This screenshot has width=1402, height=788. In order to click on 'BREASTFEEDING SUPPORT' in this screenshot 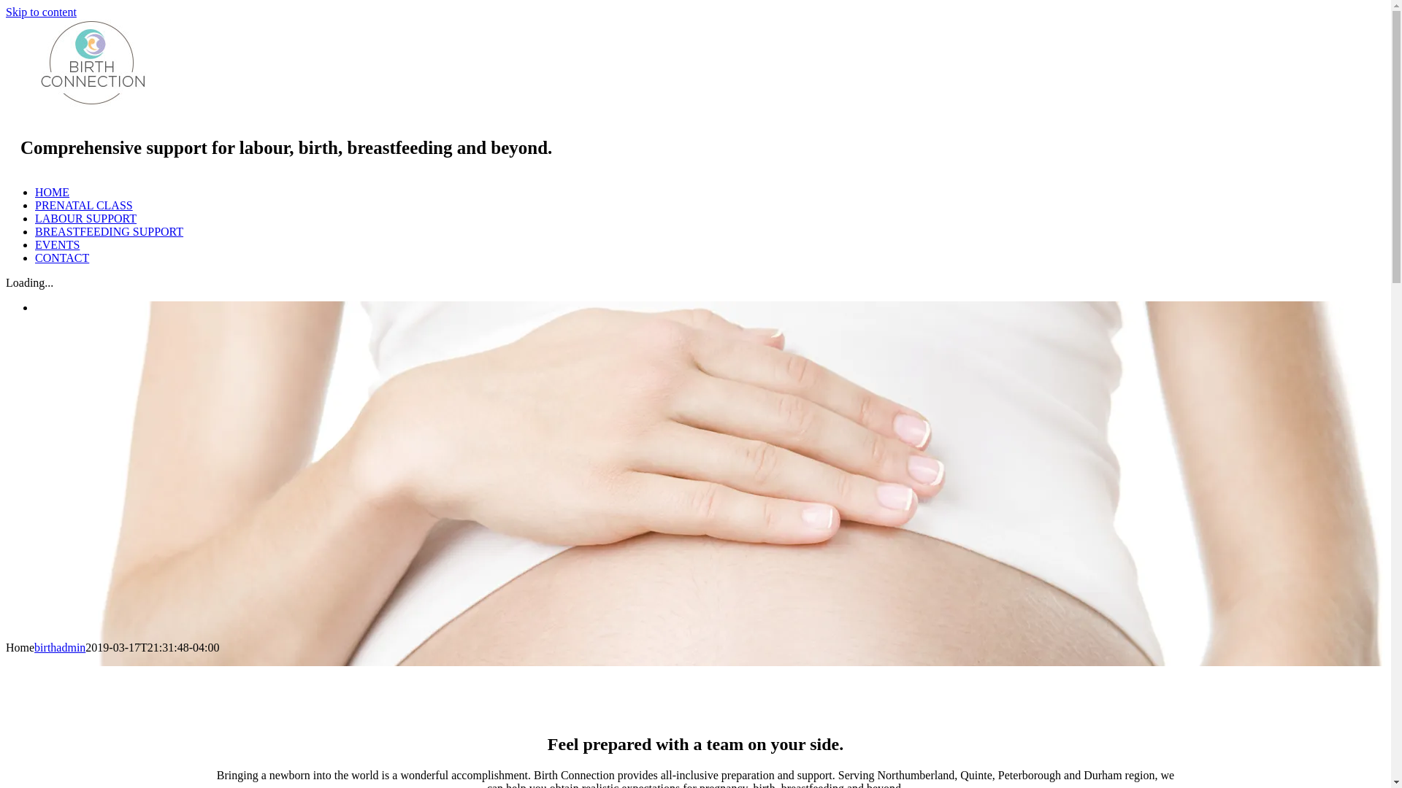, I will do `click(108, 231)`.